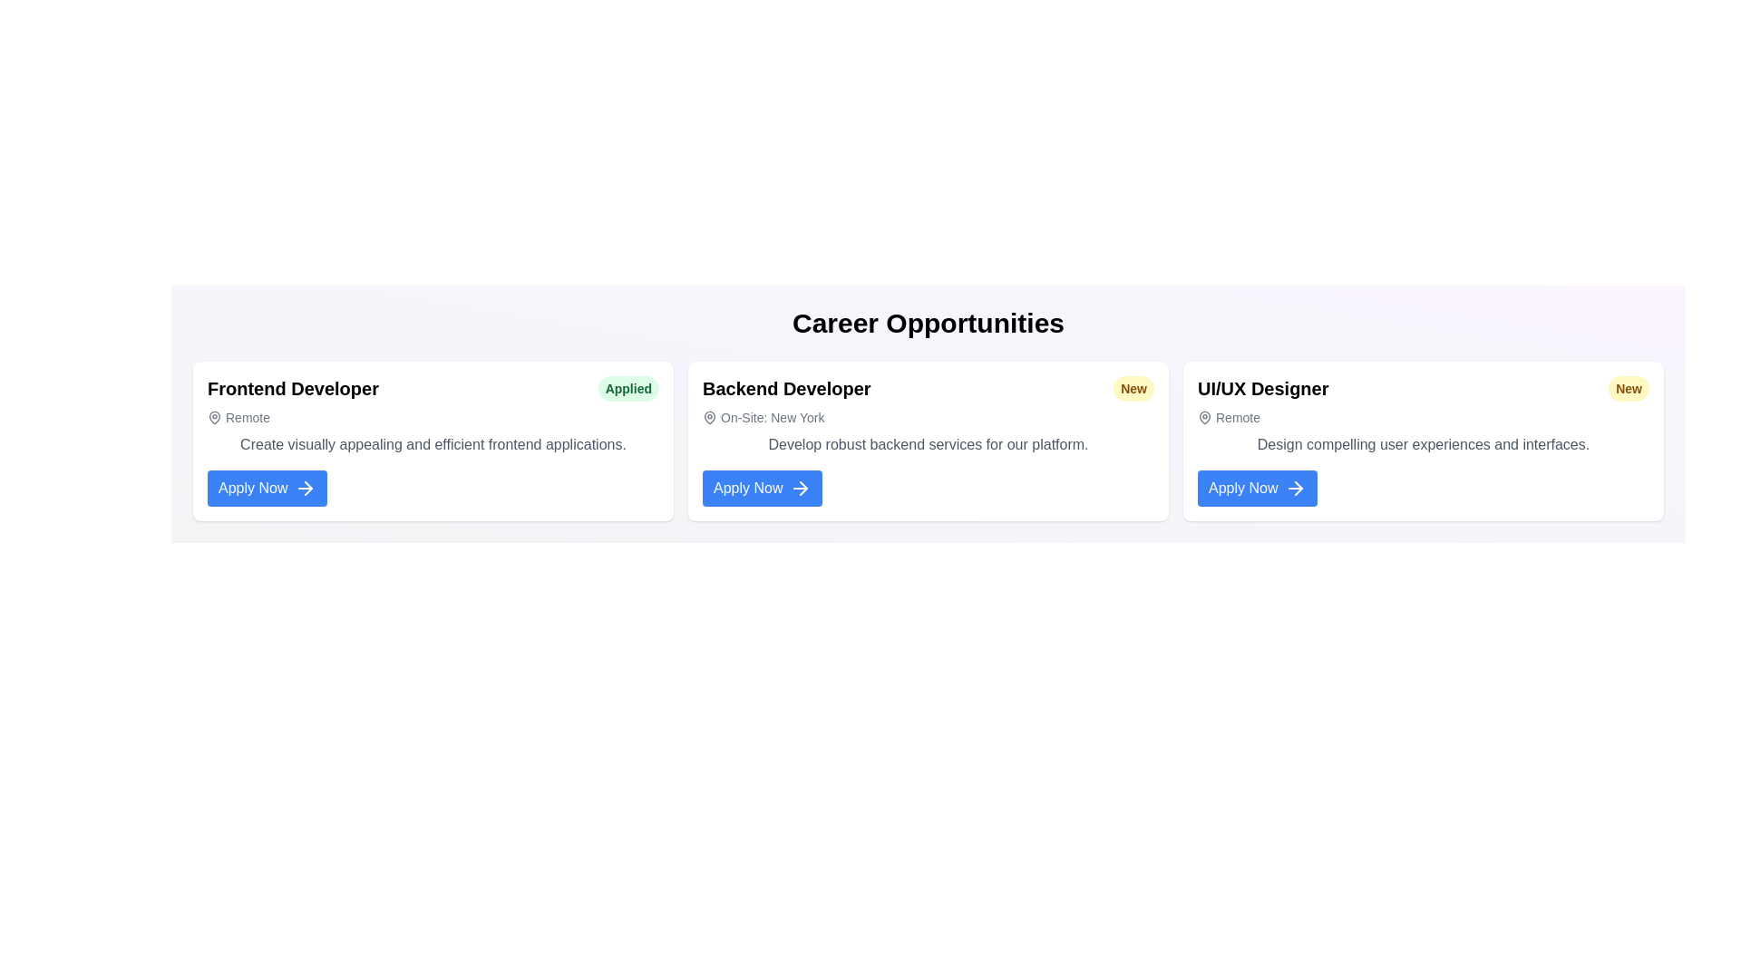  Describe the element at coordinates (1298, 488) in the screenshot. I see `the rightward-pointing arrow icon located to the right of the 'Apply Now' text in the blue button under the 'UI/UX Designer' section` at that location.